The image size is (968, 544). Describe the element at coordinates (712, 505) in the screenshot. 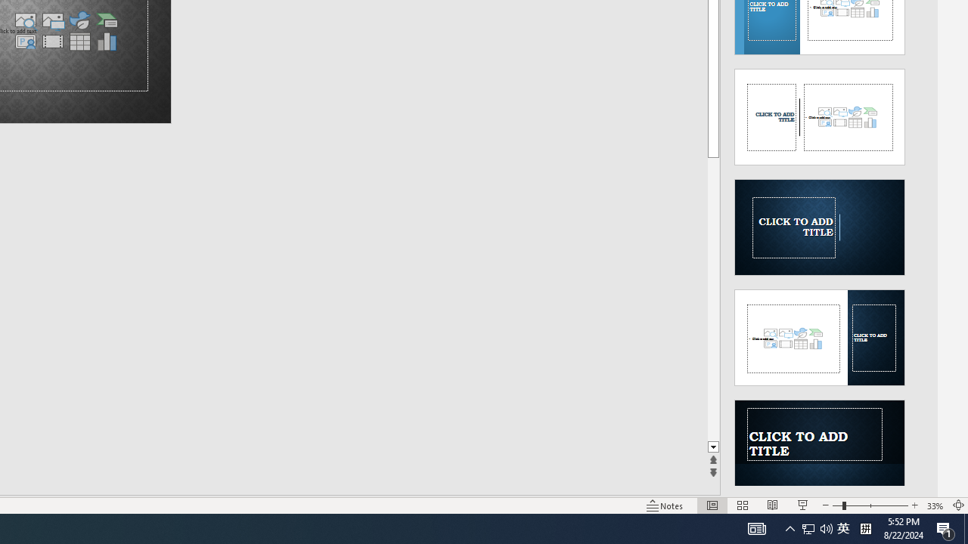

I see `'Normal'` at that location.